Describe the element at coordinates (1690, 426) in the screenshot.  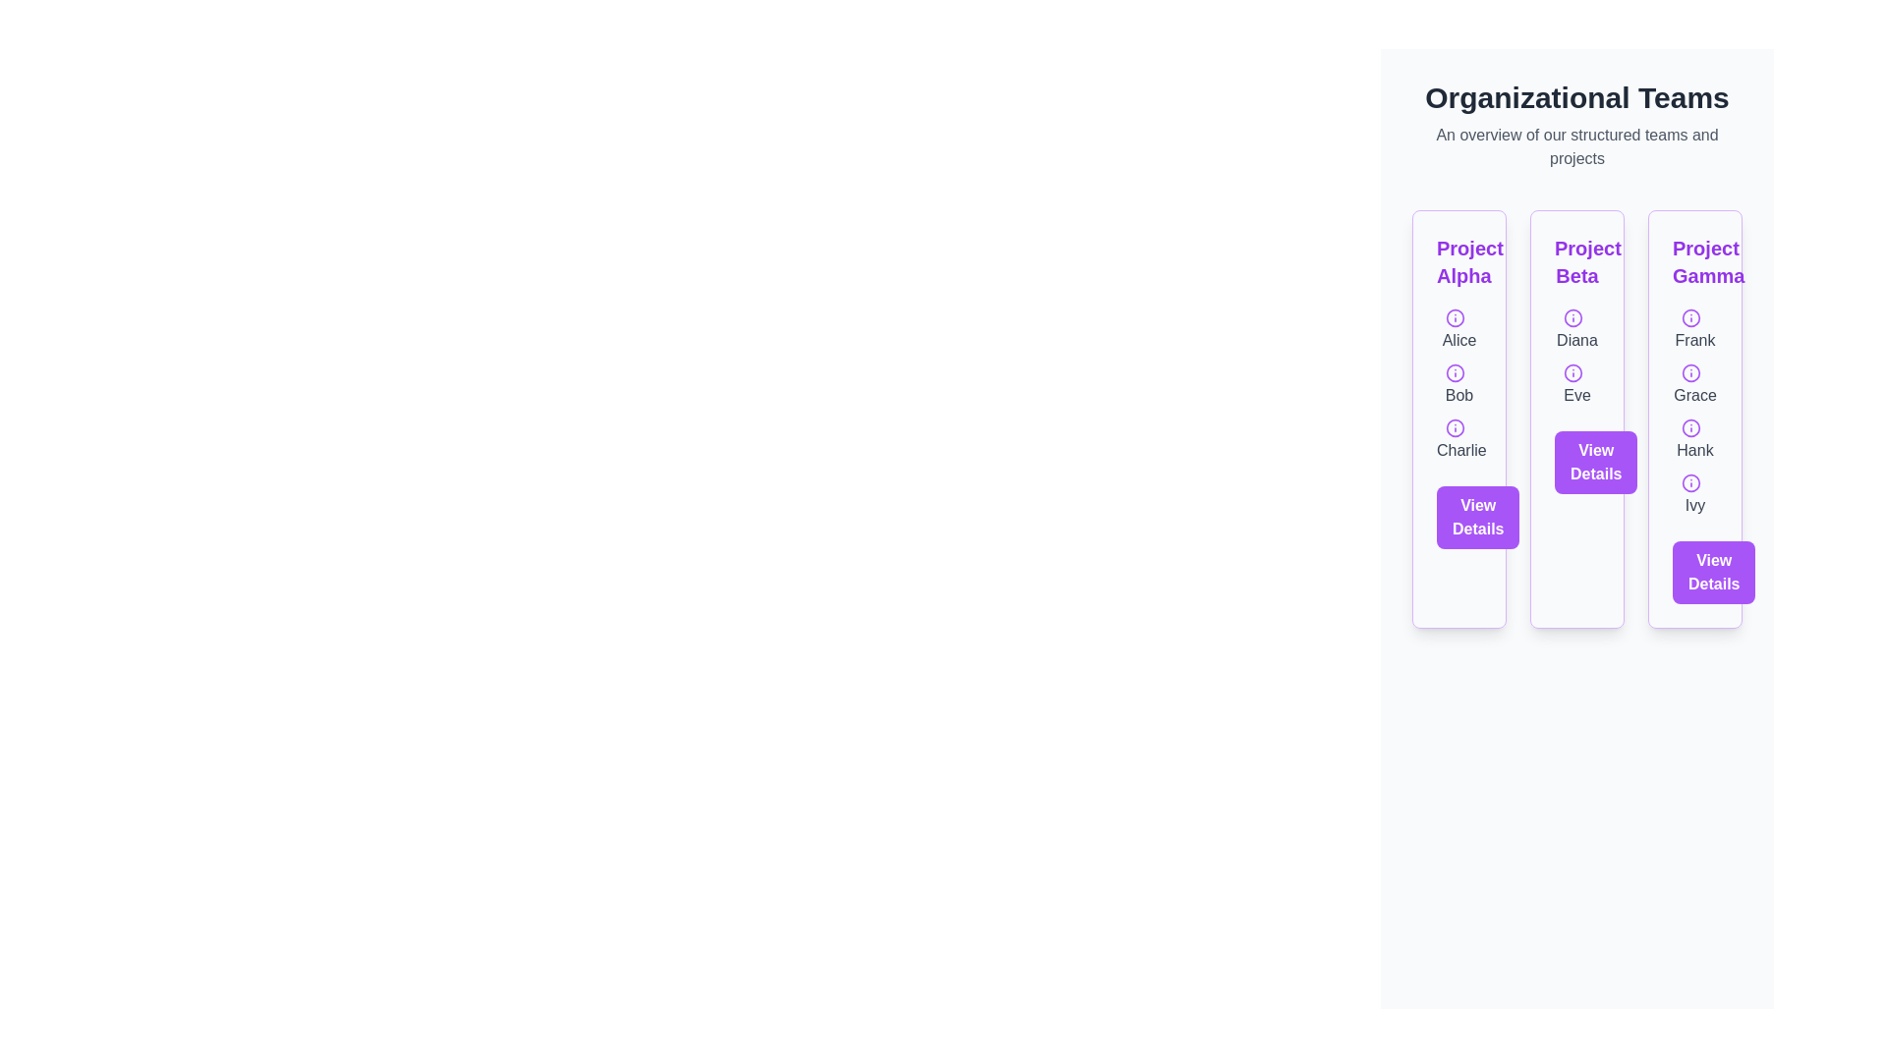
I see `the informational icon located on the 'Project Gamma' card next to the name 'Hank'. This is the second info icon in the list` at that location.